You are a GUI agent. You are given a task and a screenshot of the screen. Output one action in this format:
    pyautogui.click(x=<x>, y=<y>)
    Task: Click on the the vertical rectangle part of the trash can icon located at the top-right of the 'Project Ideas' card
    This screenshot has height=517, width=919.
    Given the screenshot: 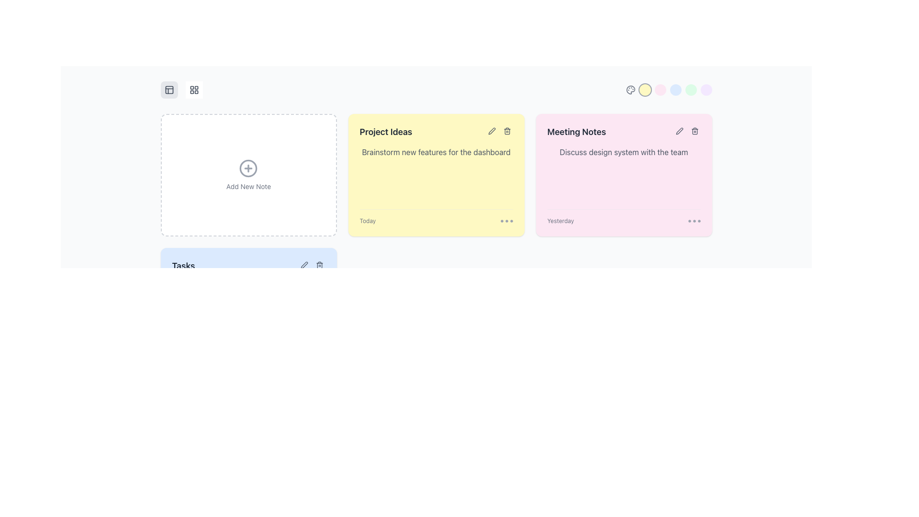 What is the action you would take?
    pyautogui.click(x=506, y=132)
    